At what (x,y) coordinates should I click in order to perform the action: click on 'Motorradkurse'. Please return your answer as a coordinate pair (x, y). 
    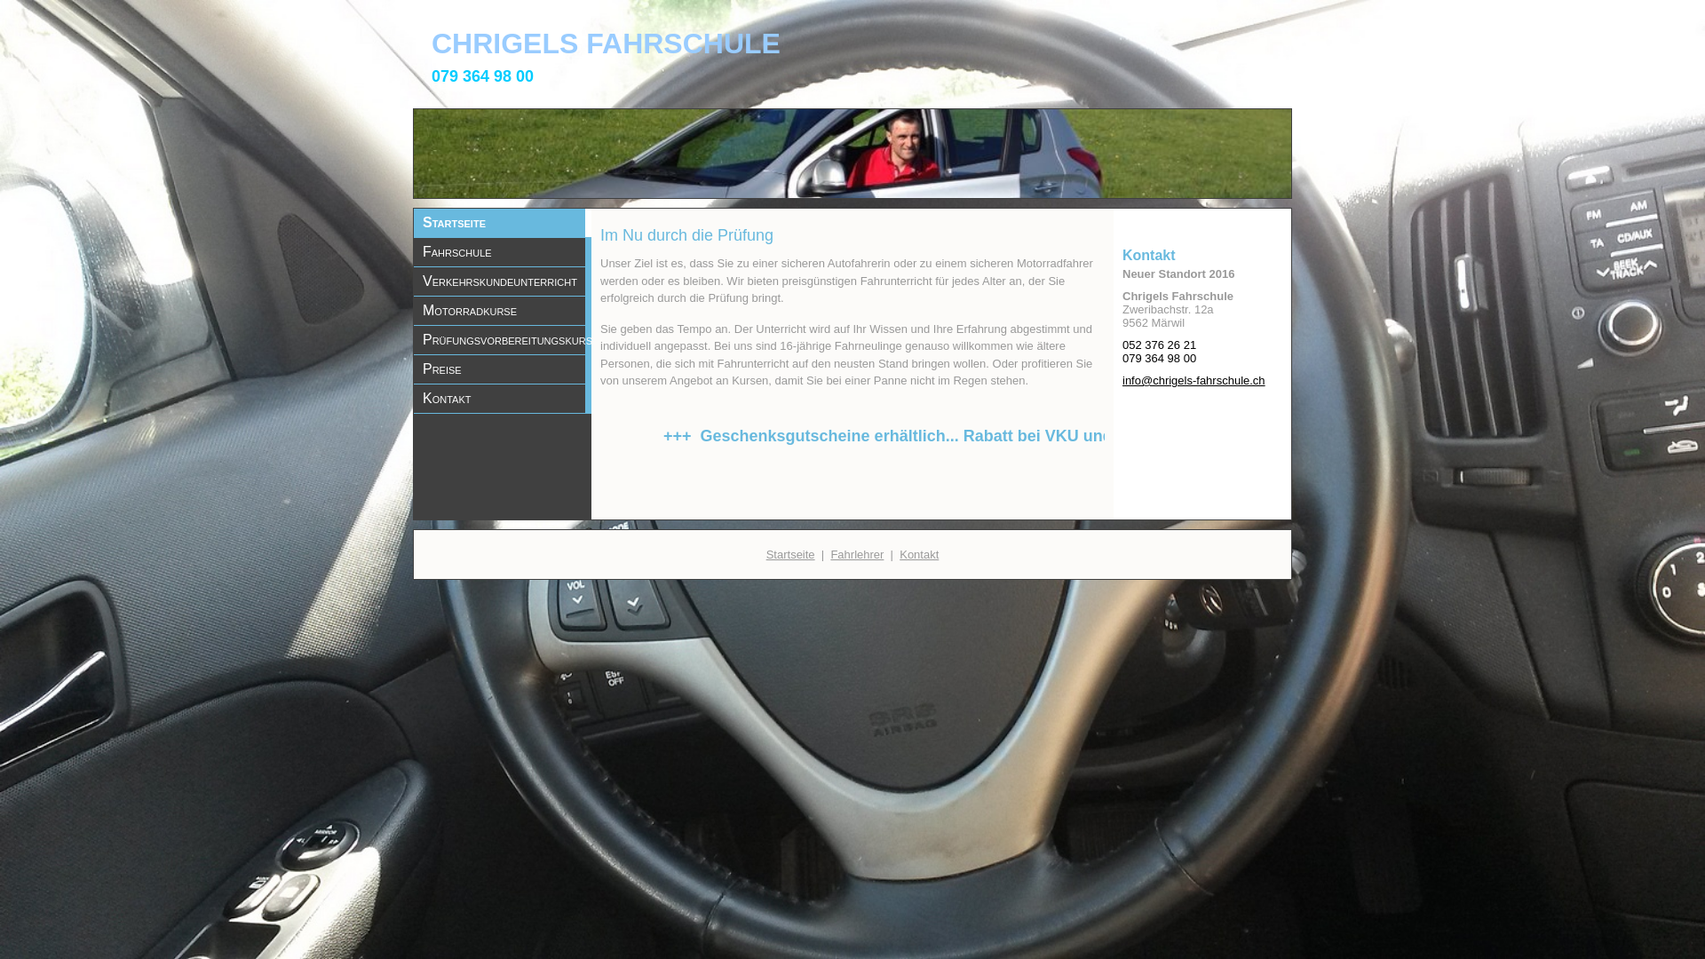
    Looking at the image, I should click on (502, 310).